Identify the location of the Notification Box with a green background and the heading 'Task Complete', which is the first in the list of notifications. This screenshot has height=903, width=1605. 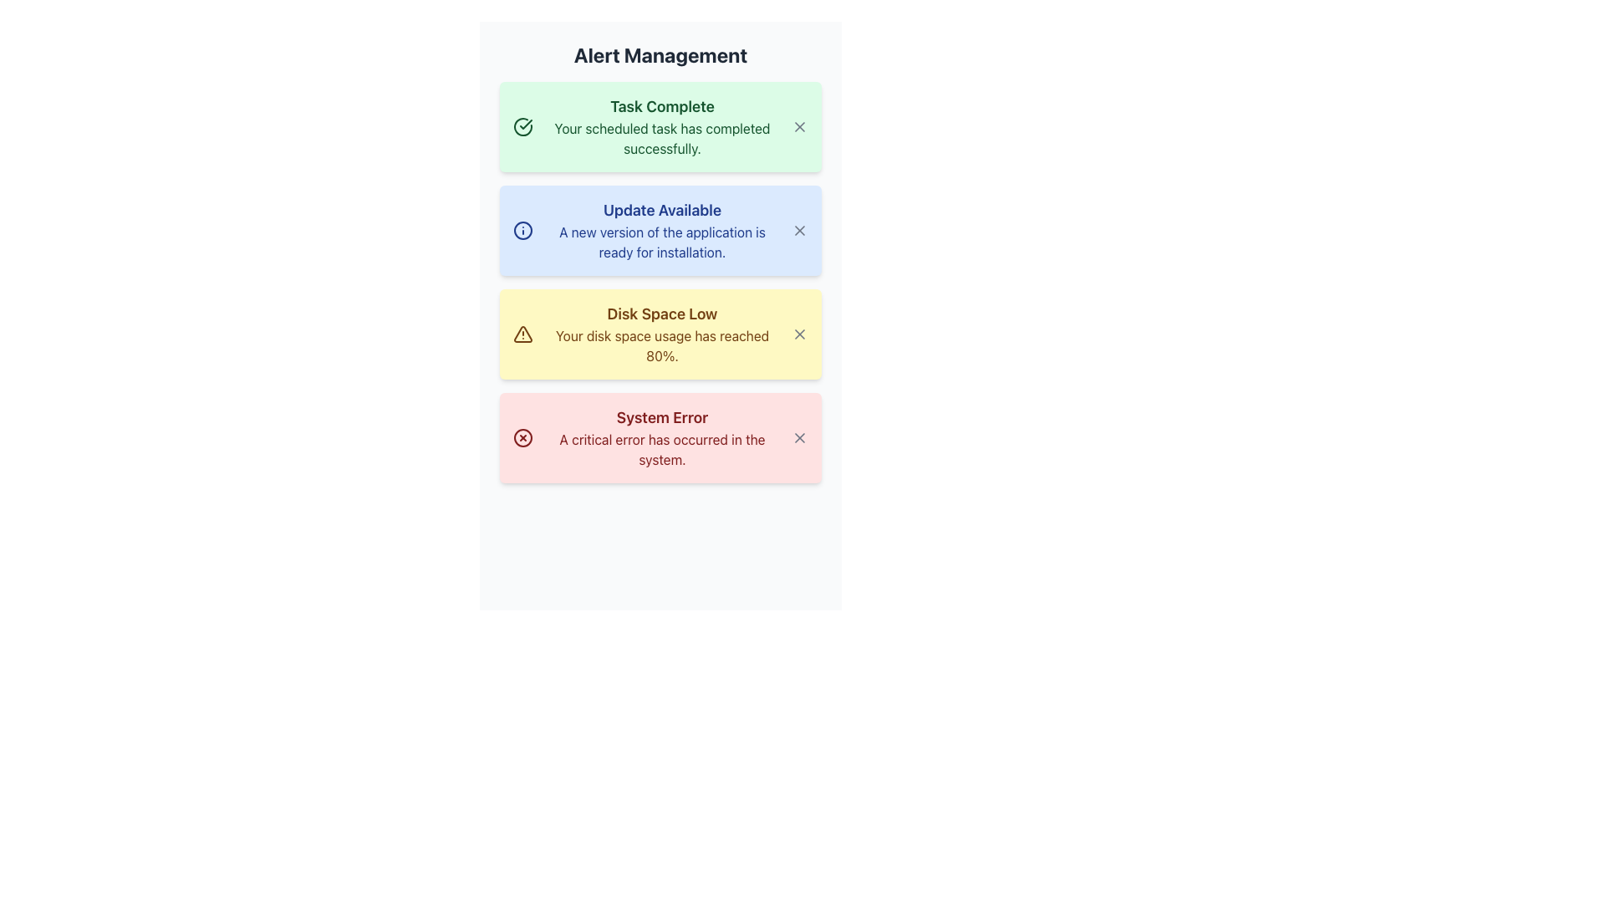
(660, 125).